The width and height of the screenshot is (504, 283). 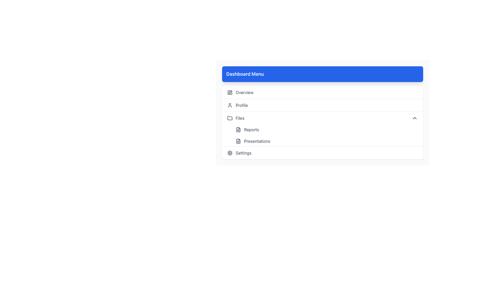 I want to click on the 'Presentations' item in the collapsible menu section, which is the third item in the list following 'Files' and 'Reports', so click(x=322, y=129).